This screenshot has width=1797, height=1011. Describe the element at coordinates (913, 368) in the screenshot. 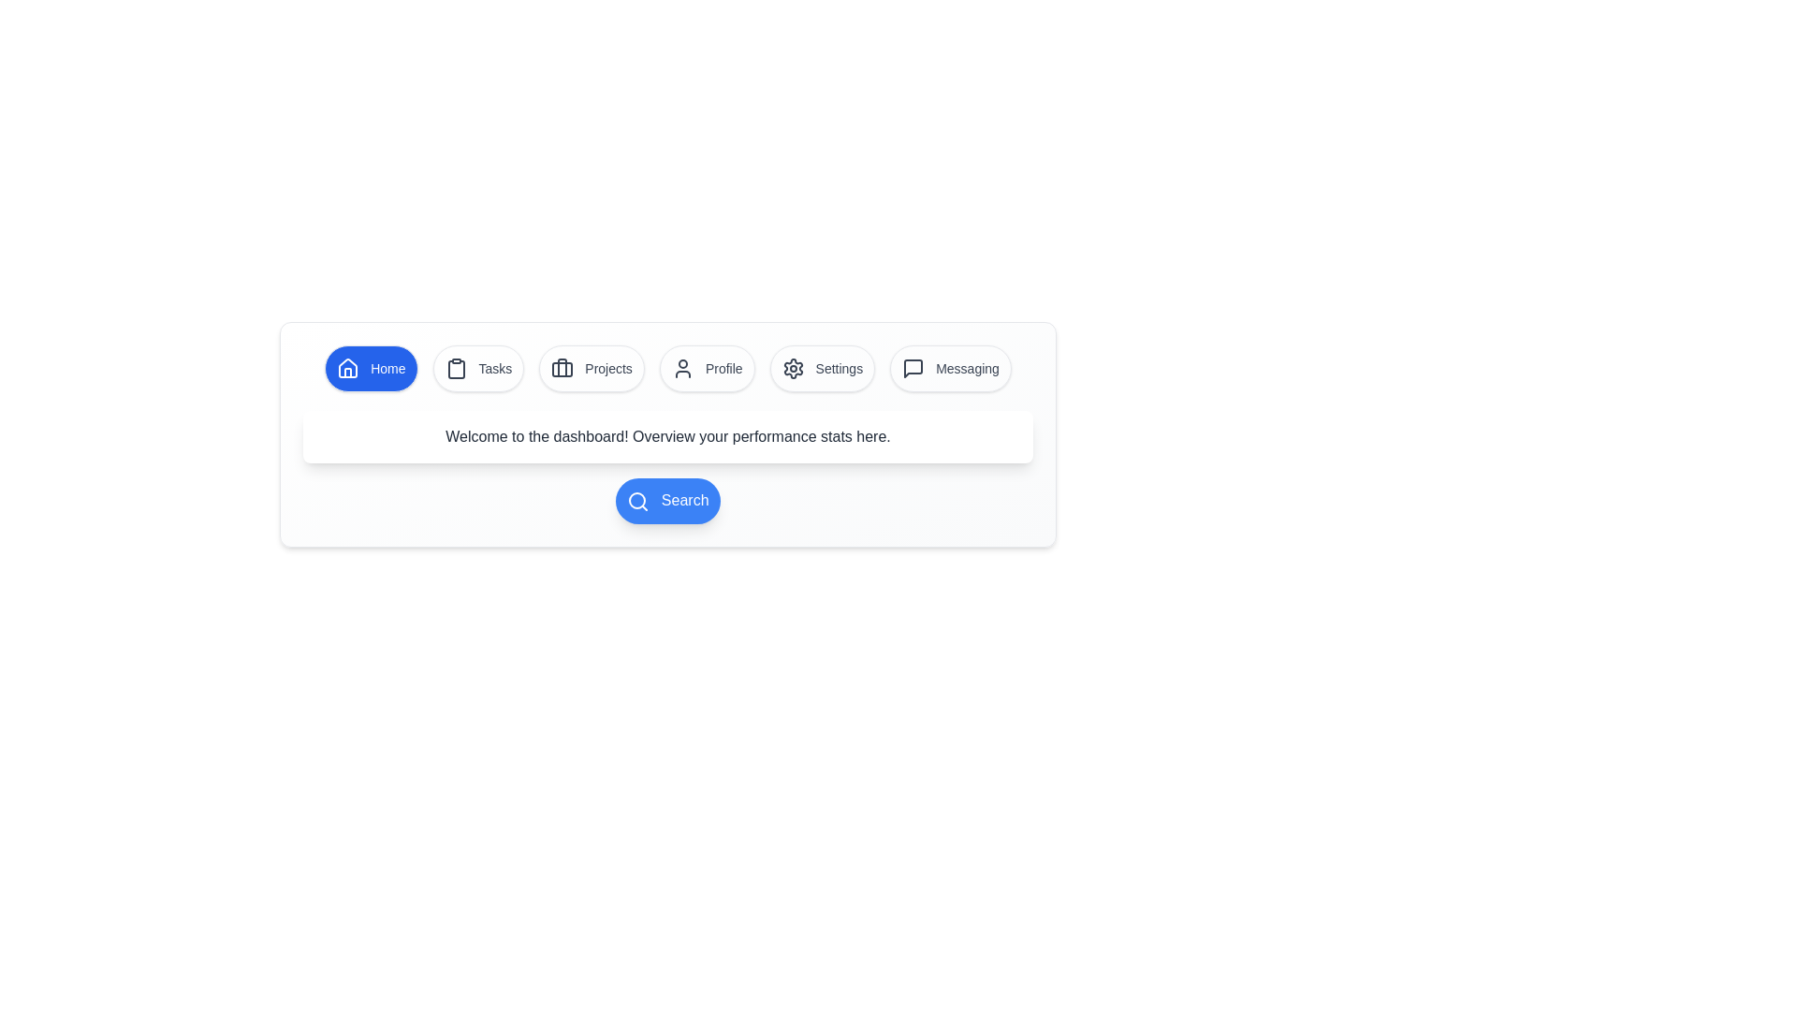

I see `the compact square-shaped icon on the left side of the 'Messaging' button` at that location.